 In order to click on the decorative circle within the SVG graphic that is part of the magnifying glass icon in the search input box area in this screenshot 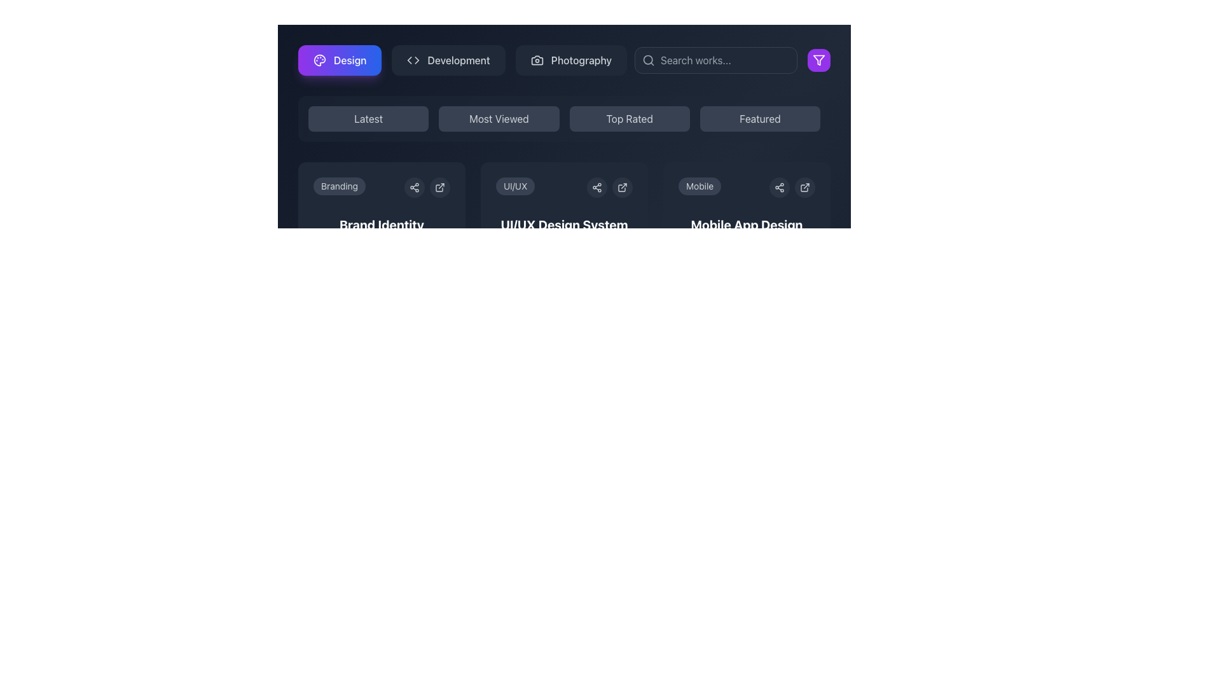, I will do `click(648, 60)`.